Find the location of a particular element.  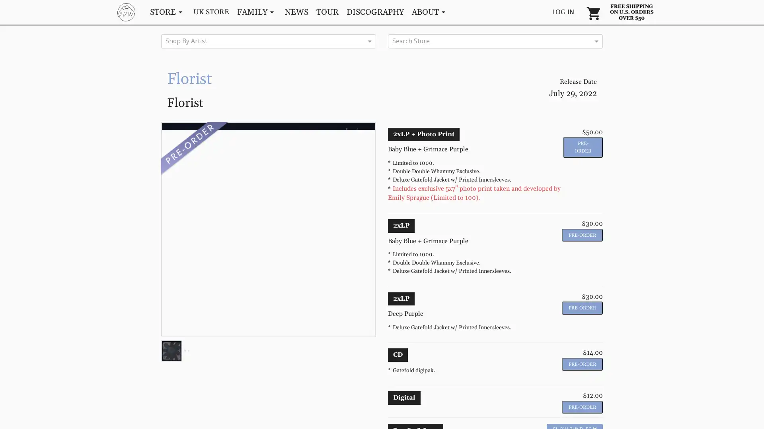

Pre-Order is located at coordinates (582, 307).